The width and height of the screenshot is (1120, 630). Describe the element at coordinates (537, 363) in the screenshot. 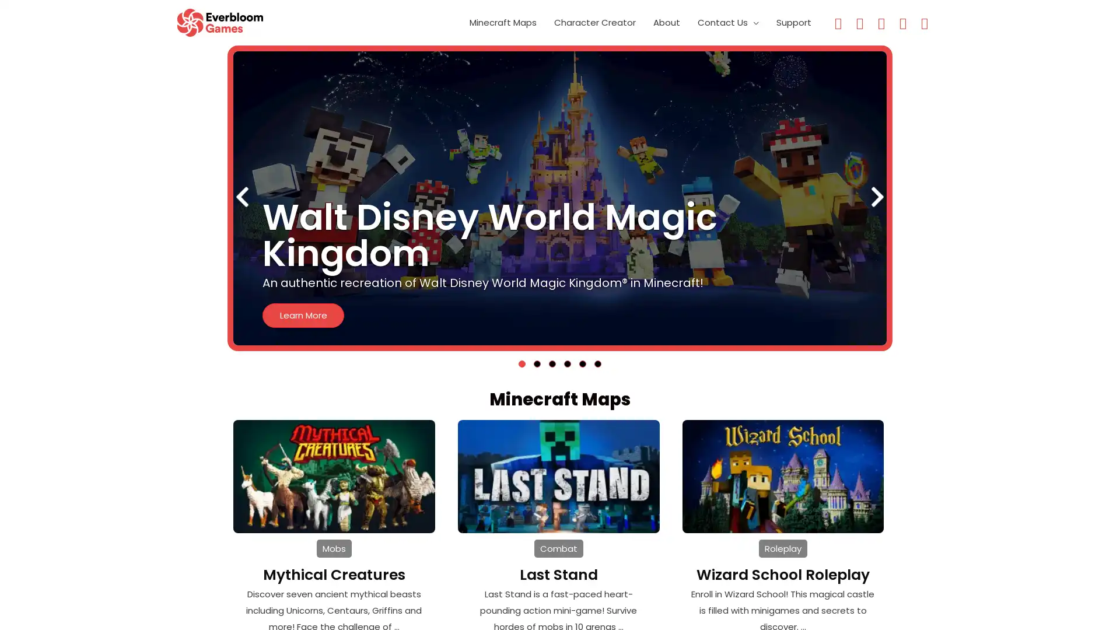

I see `Page 2` at that location.